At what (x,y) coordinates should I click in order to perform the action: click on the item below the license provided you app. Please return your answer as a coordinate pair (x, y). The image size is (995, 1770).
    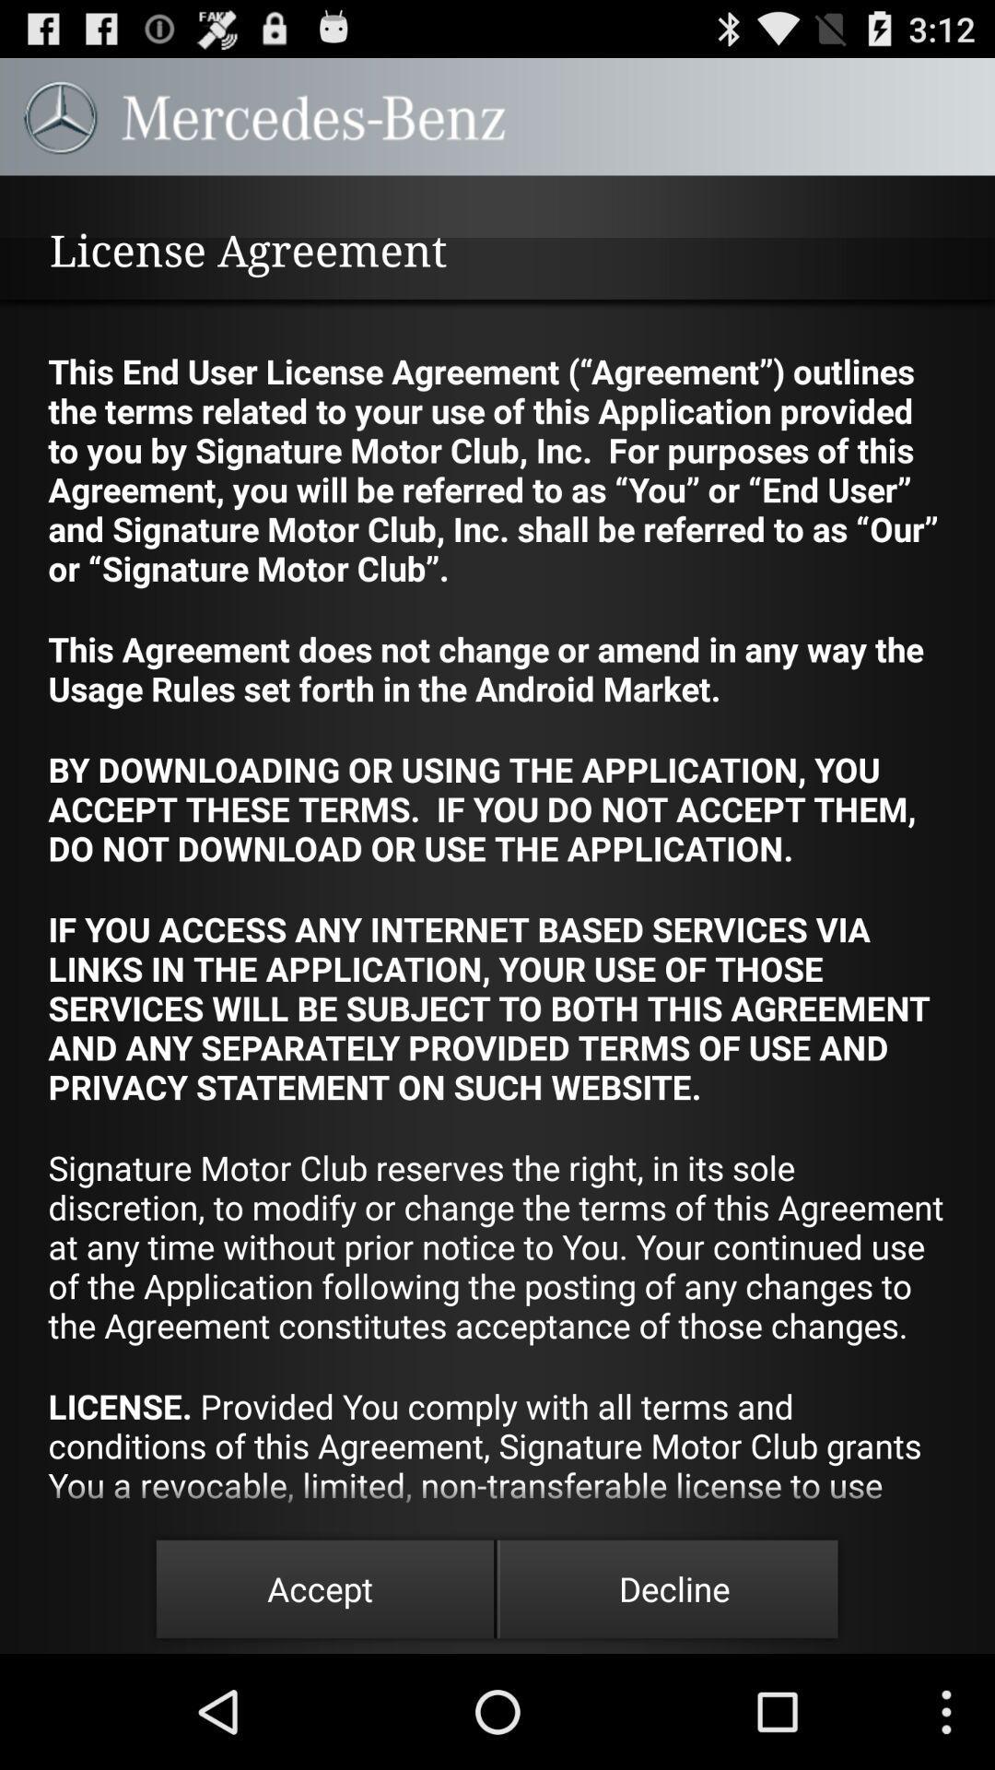
    Looking at the image, I should click on (674, 1587).